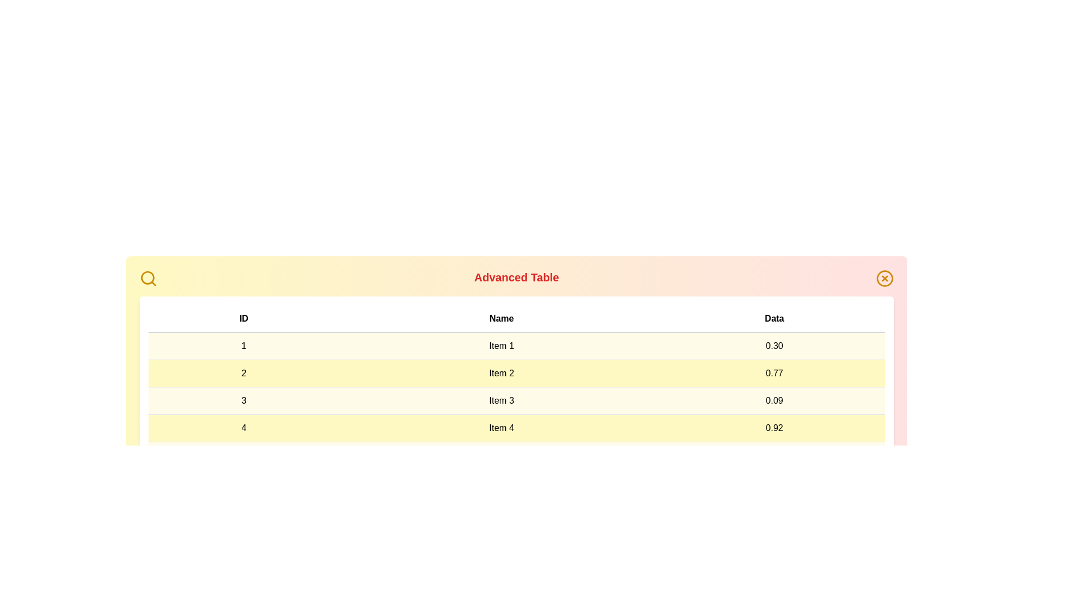  I want to click on the row corresponding to 3, so click(516, 400).